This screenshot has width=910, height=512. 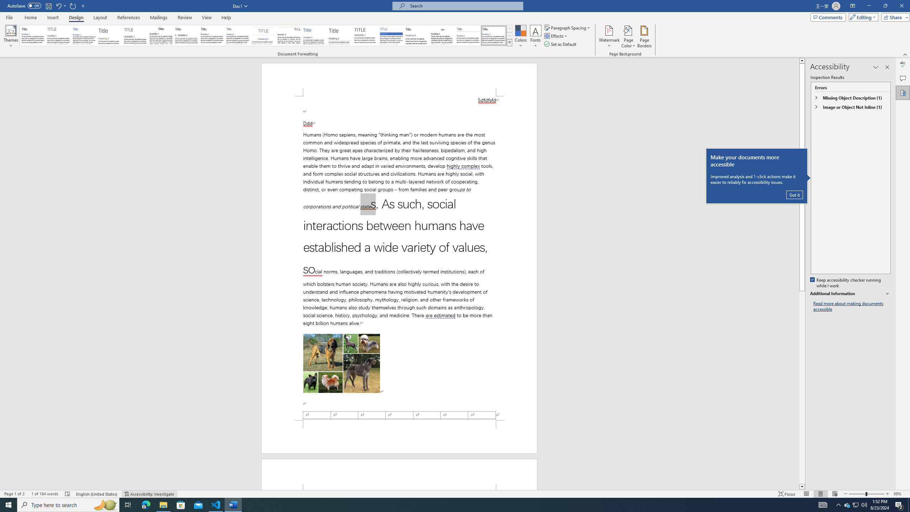 I want to click on 'Collapse the Ribbon', so click(x=905, y=54).